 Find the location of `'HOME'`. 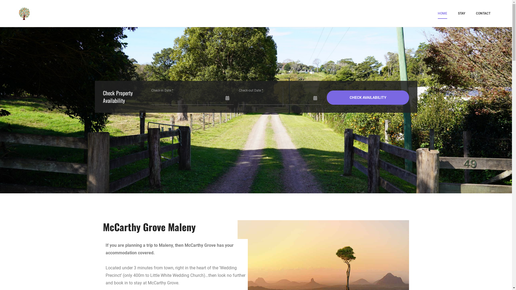

'HOME' is located at coordinates (442, 13).